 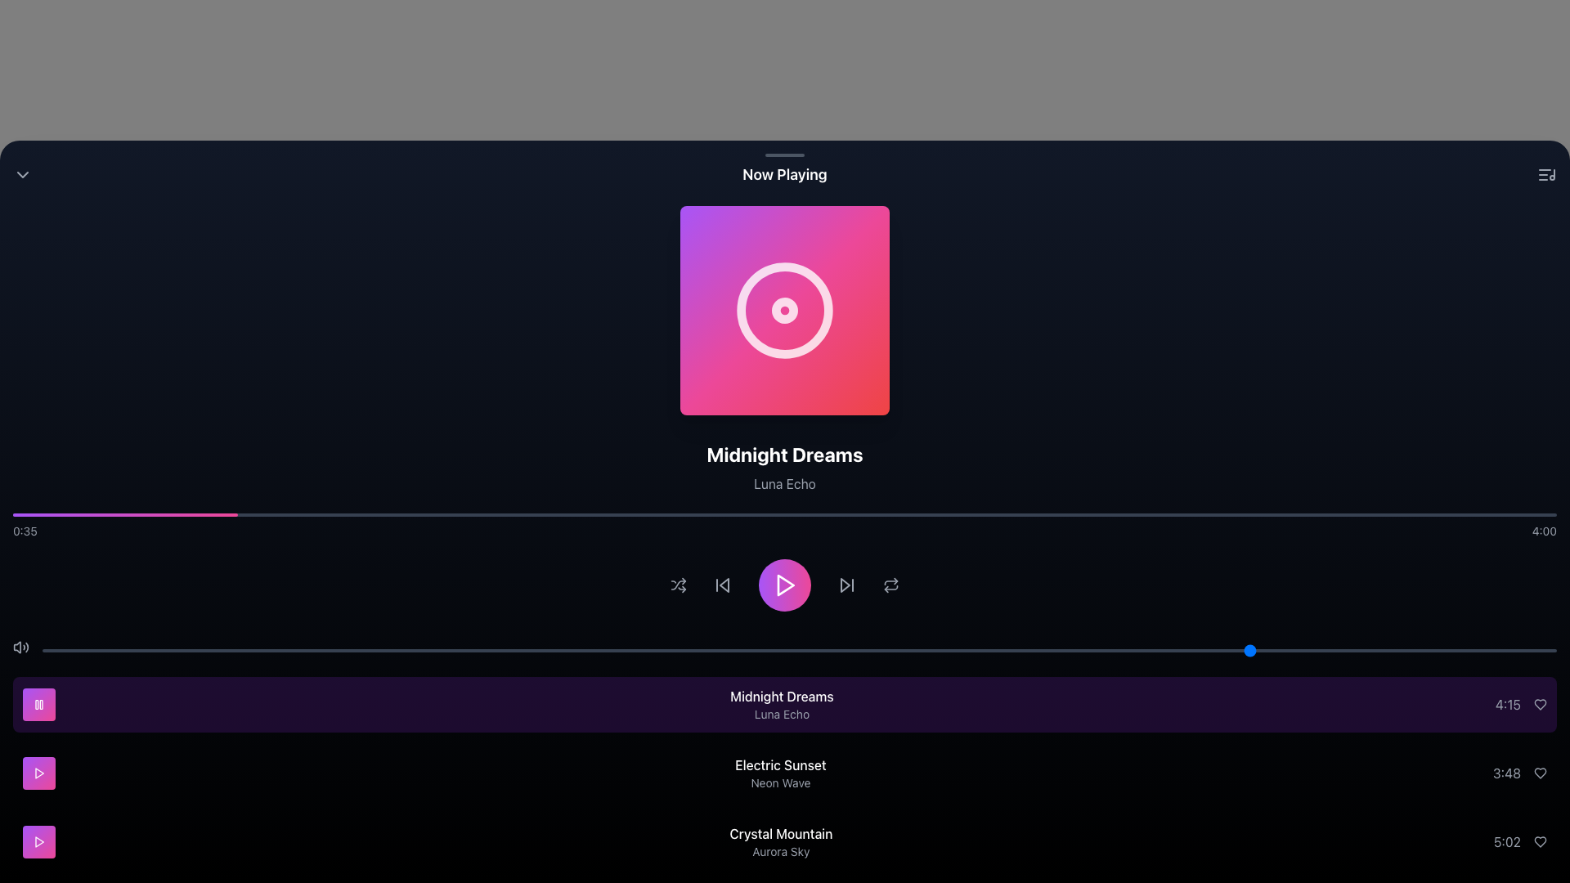 What do you see at coordinates (39, 773) in the screenshot?
I see `the play button for the song 'Electric Sunset' by 'Neon Wave'` at bounding box center [39, 773].